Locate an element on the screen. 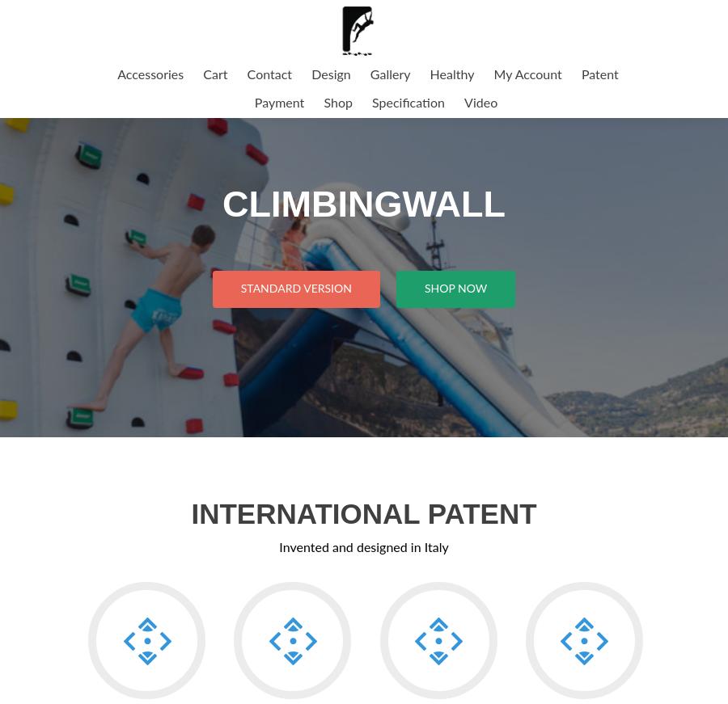 The width and height of the screenshot is (728, 704). 'Patent' is located at coordinates (598, 74).